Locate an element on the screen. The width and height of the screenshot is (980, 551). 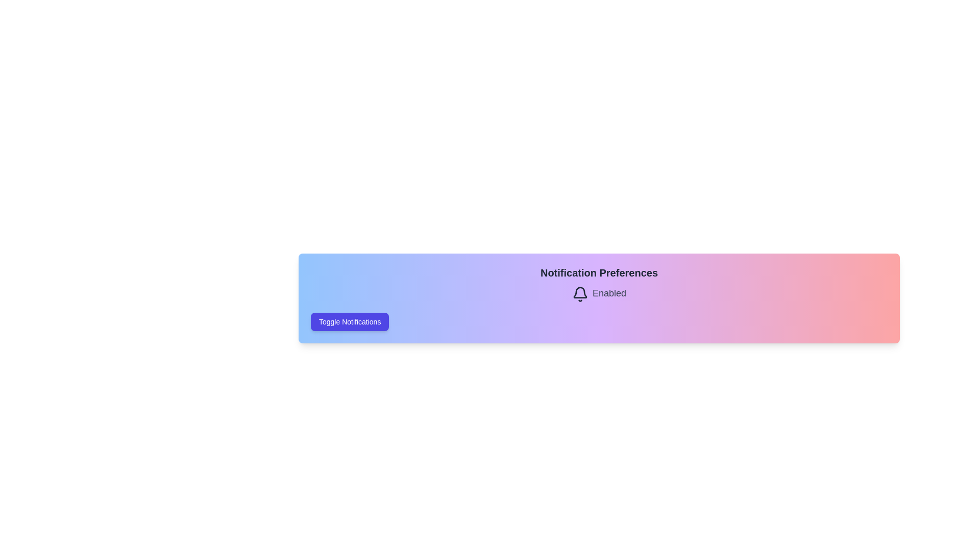
the 'Enabled' label which is displayed in a large gray font next to the bell icon under 'Notification Preferences' is located at coordinates (609, 294).